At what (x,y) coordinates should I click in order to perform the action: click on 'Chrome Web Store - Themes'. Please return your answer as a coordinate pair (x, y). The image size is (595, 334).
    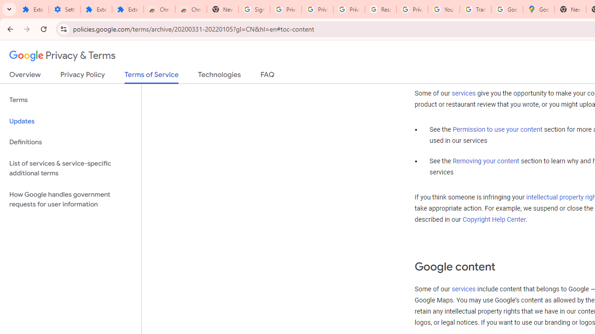
    Looking at the image, I should click on (191, 9).